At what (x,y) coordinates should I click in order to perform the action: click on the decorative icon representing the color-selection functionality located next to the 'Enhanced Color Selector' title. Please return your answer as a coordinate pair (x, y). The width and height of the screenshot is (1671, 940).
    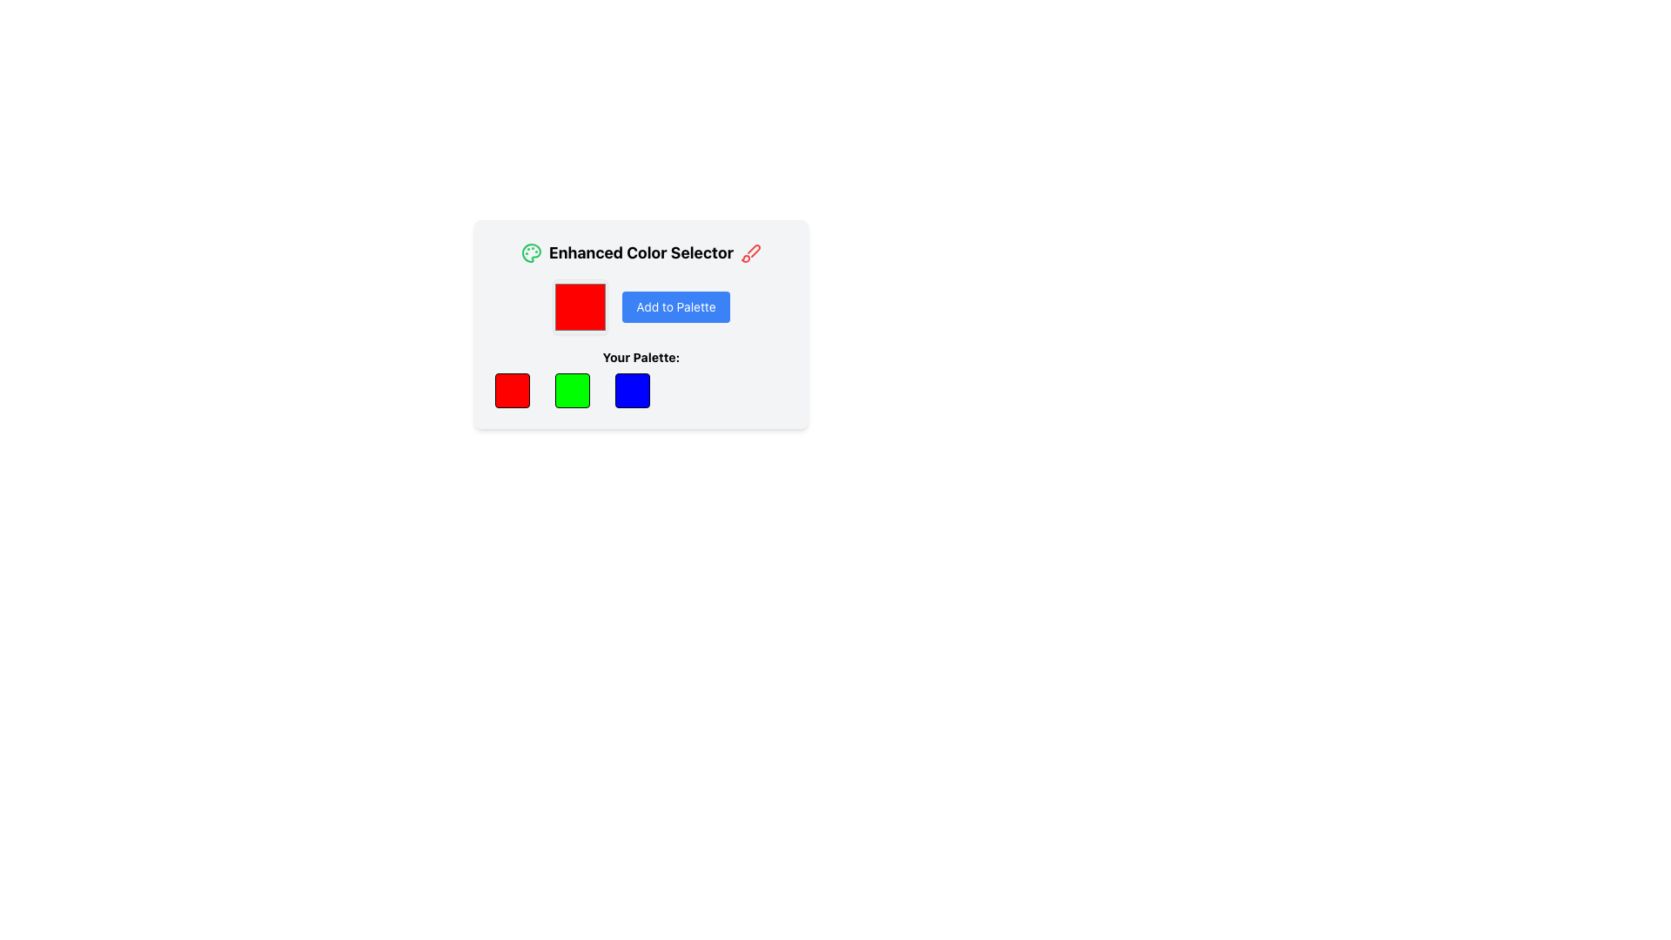
    Looking at the image, I should click on (530, 252).